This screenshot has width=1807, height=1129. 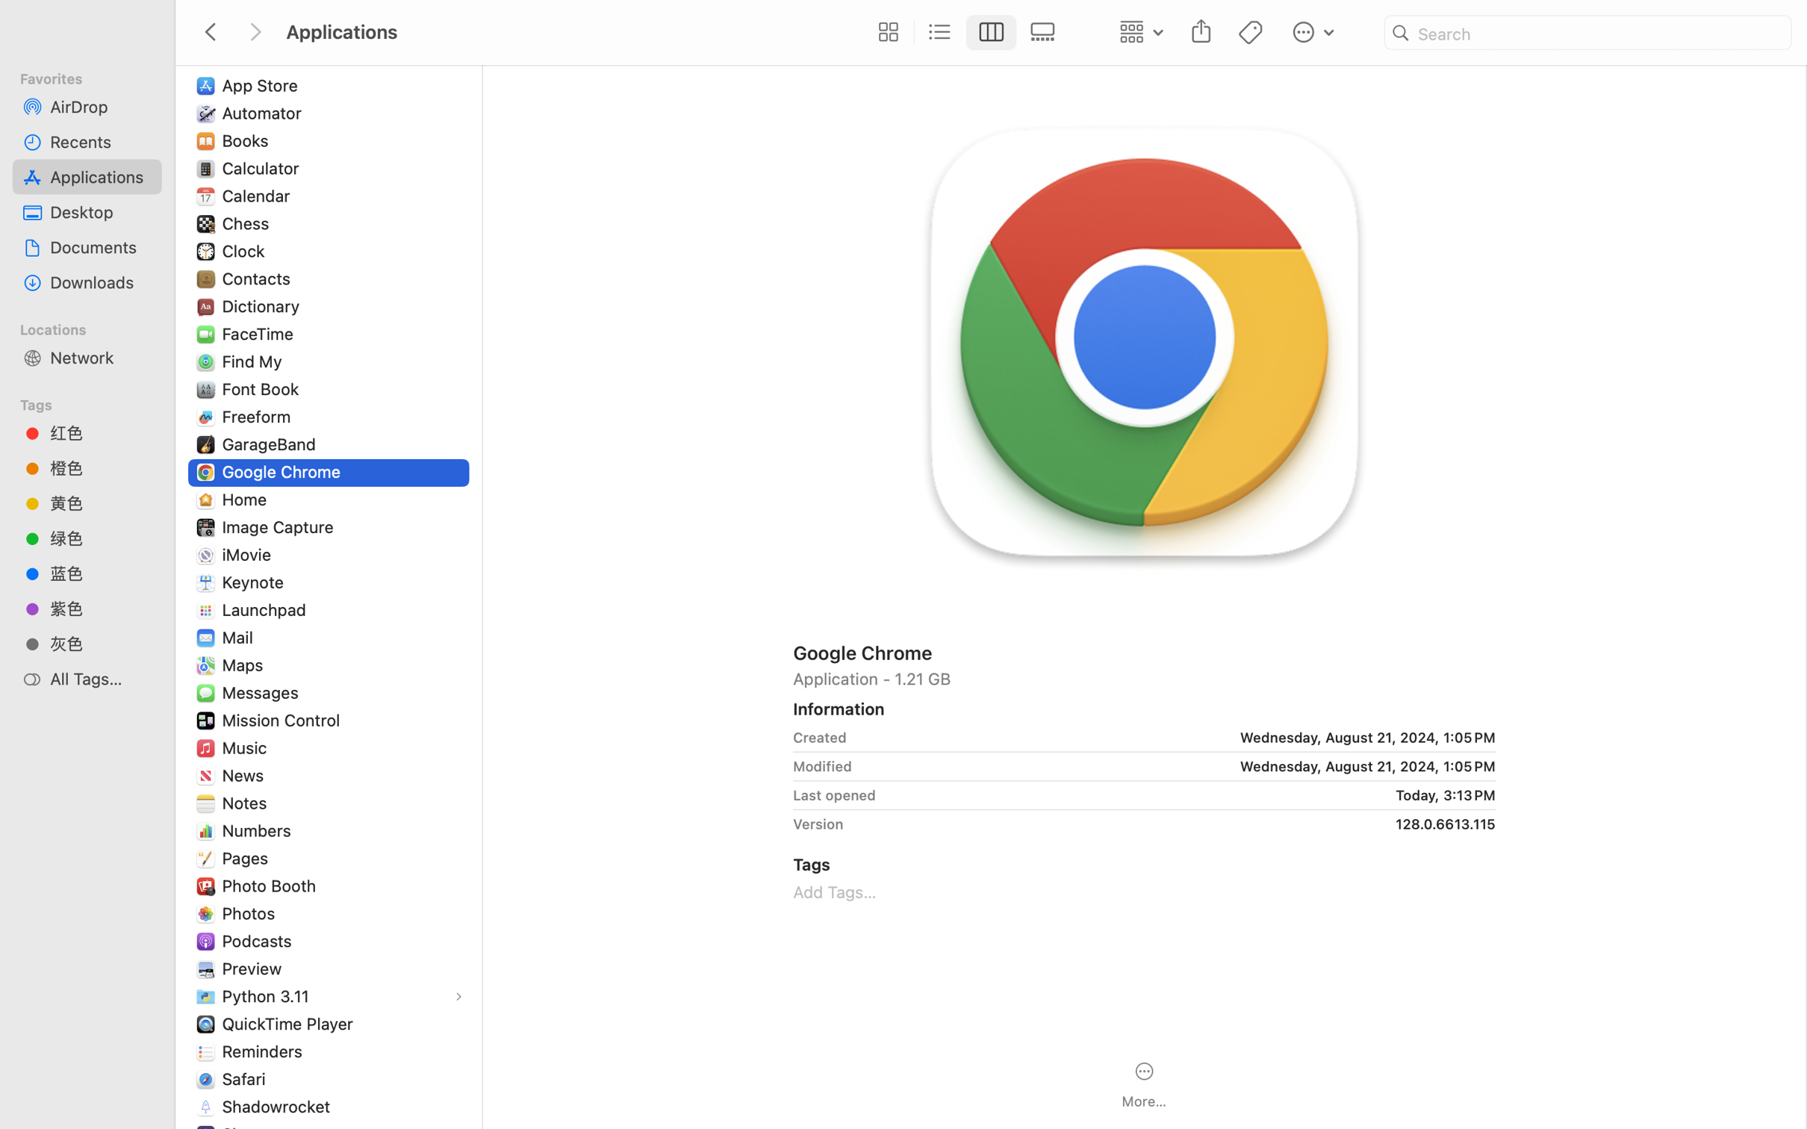 I want to click on 'Podcasts', so click(x=258, y=940).